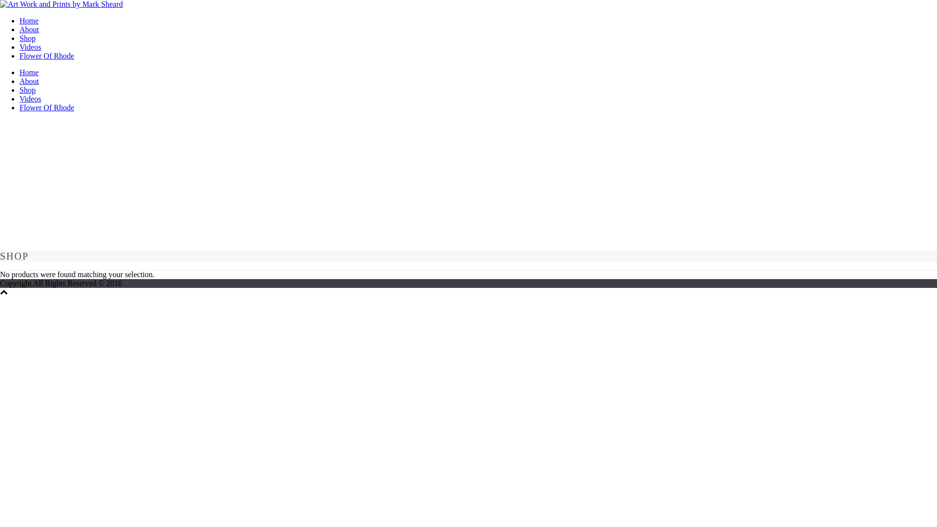 The height and width of the screenshot is (527, 937). I want to click on 'Shop', so click(19, 38).